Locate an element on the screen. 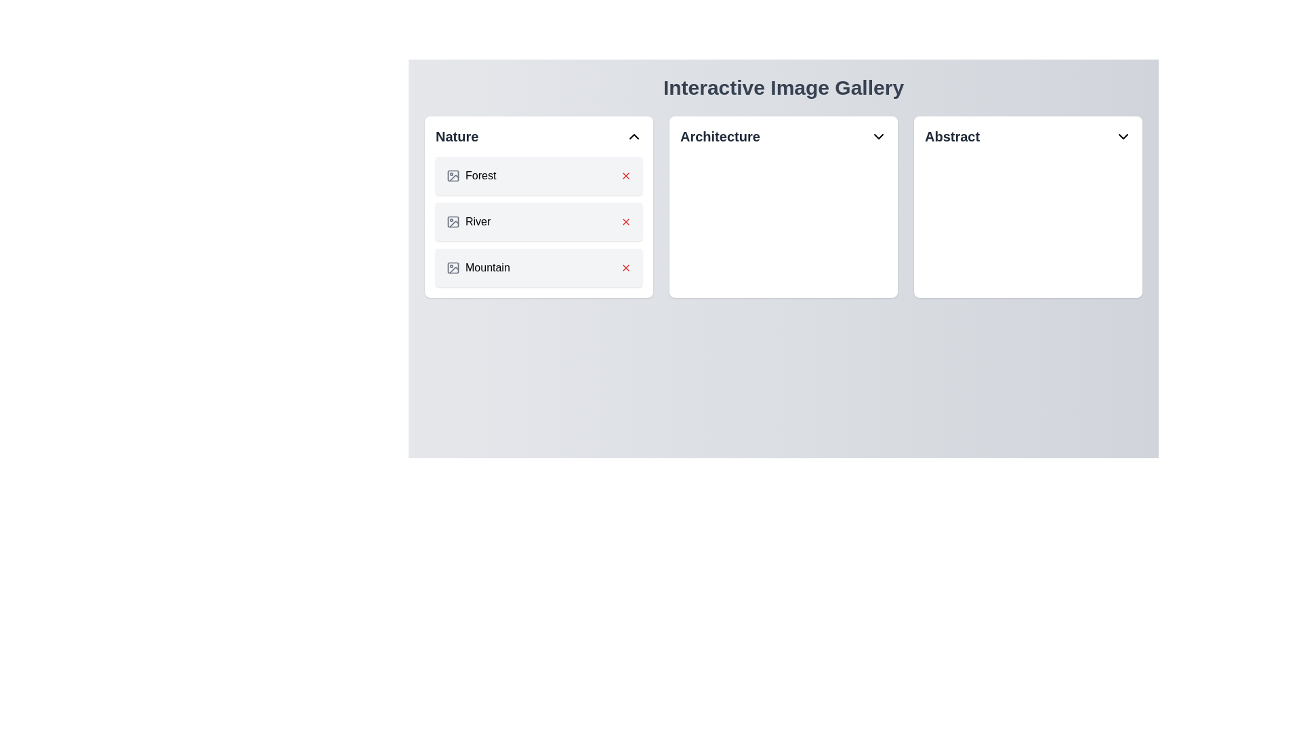 Image resolution: width=1301 pixels, height=731 pixels. the top-left rectangular icon component representing a photo within the 'Mountain' list item in the 'Nature' category of the interactive image gallery is located at coordinates (453, 268).